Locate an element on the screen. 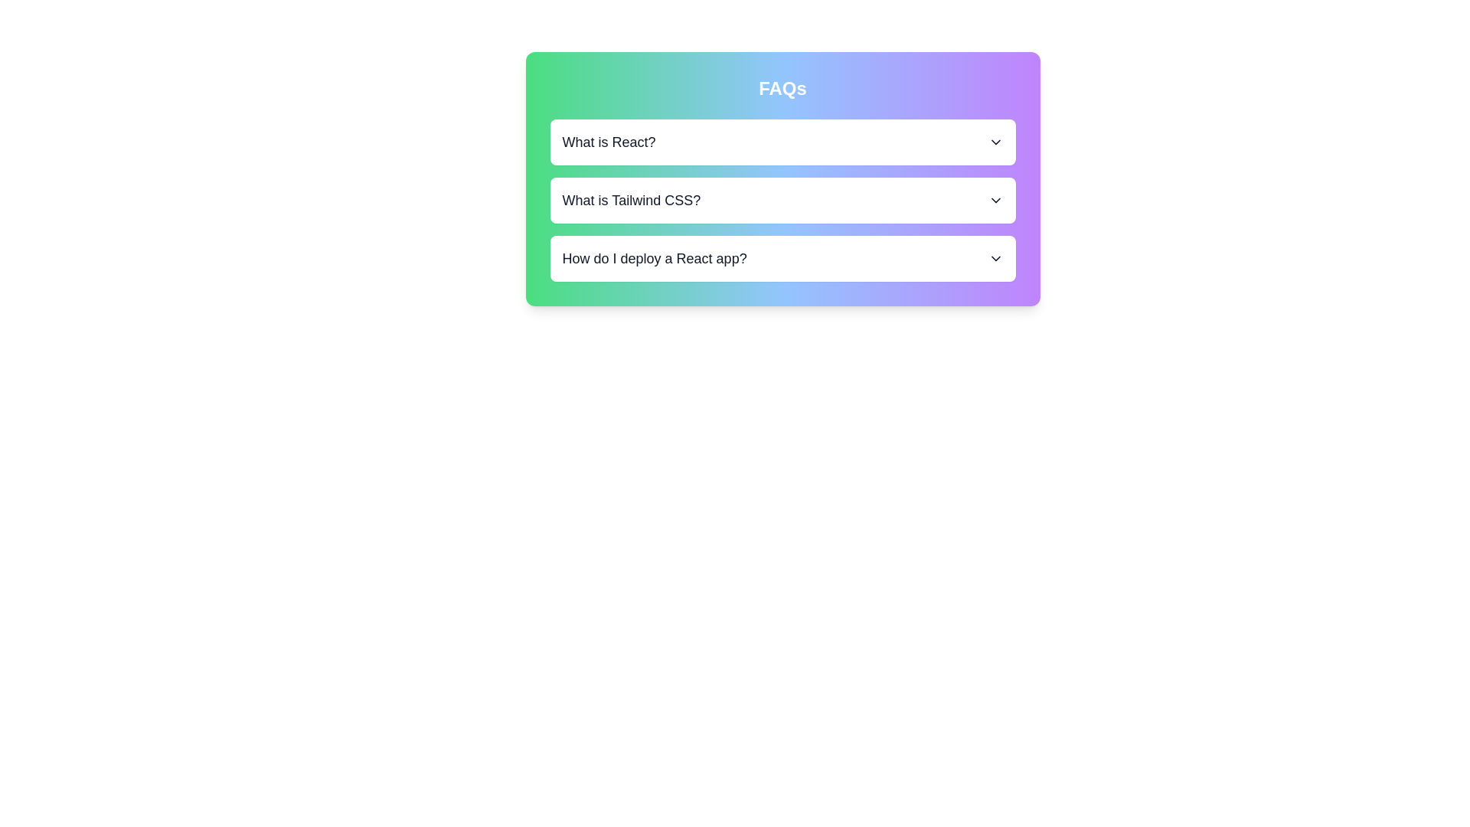 This screenshot has width=1470, height=827. the third interactive card in the FAQ section is located at coordinates (782, 258).